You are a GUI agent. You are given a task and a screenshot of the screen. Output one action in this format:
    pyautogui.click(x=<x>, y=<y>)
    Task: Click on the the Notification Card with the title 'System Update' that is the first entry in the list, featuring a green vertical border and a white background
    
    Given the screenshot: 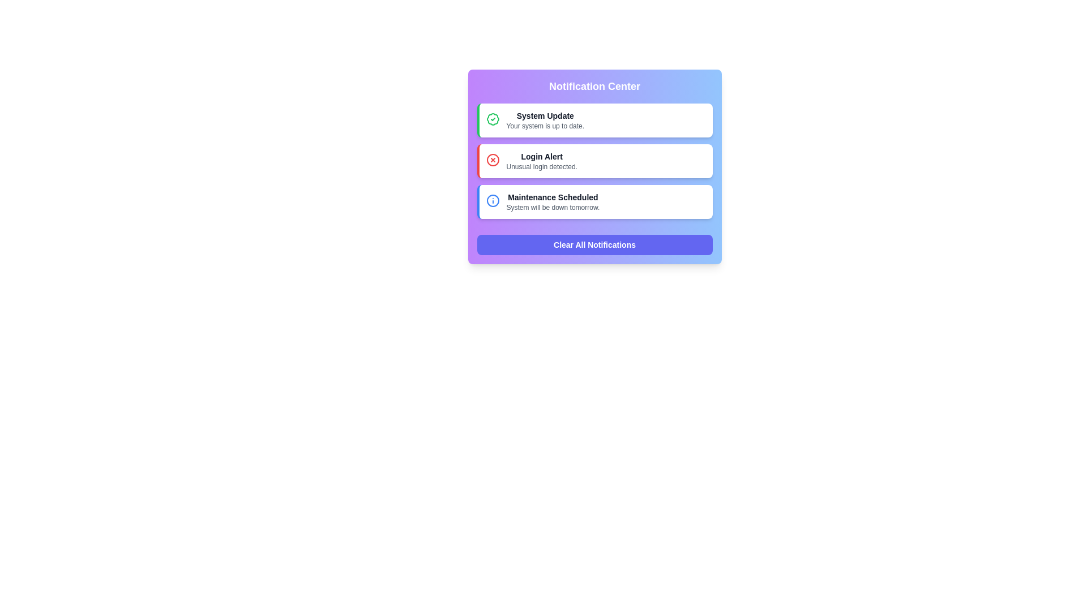 What is the action you would take?
    pyautogui.click(x=594, y=120)
    